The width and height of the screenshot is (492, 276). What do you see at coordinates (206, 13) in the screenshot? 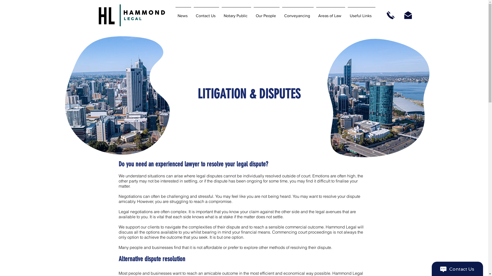
I see `'Contact Us'` at bounding box center [206, 13].